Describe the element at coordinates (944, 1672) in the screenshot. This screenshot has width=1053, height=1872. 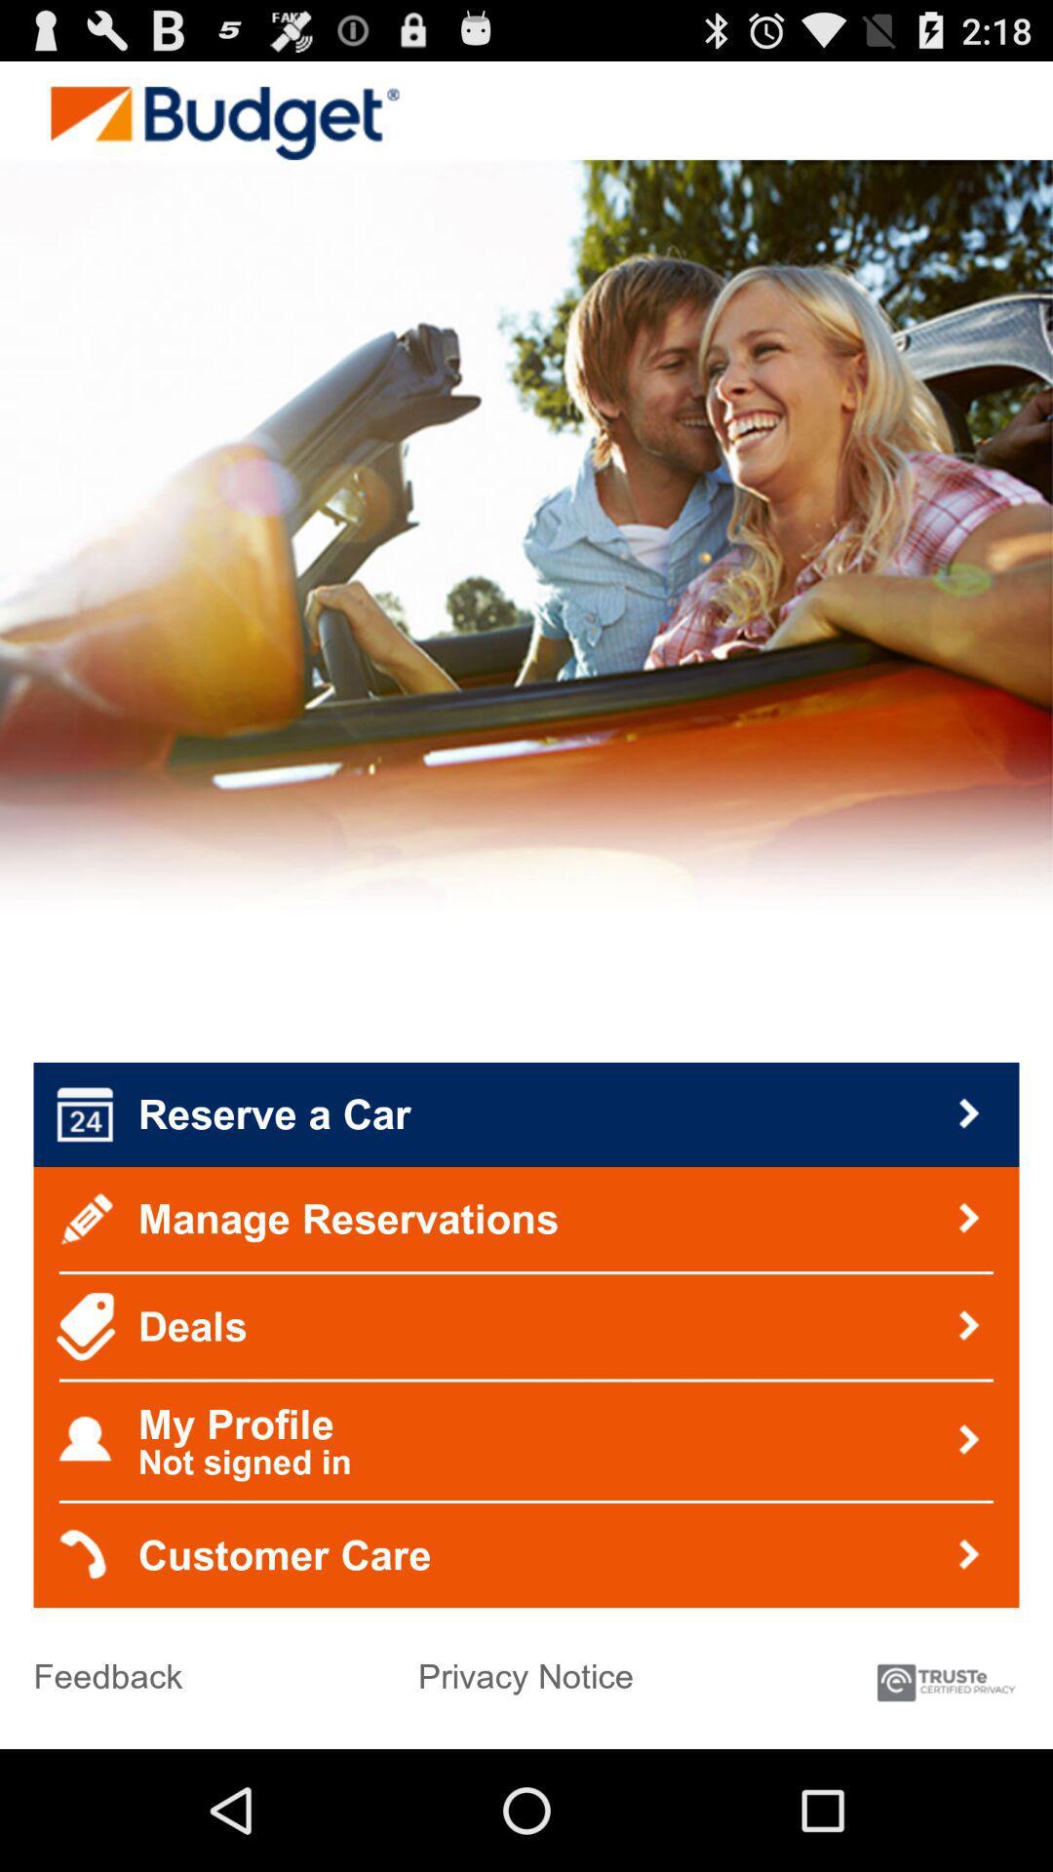
I see `the icon at the bottom right corner` at that location.